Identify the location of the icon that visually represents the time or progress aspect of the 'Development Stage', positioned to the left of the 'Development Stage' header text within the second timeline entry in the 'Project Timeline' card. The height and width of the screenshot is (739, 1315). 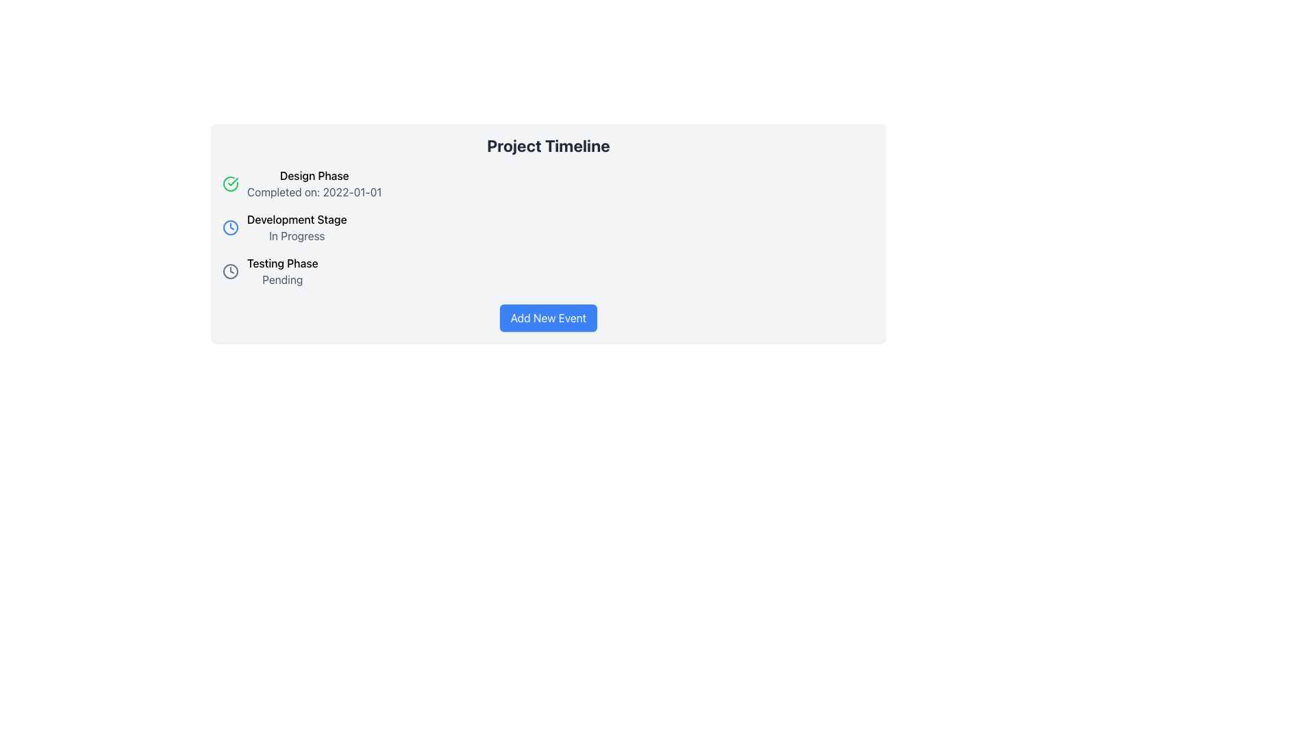
(230, 226).